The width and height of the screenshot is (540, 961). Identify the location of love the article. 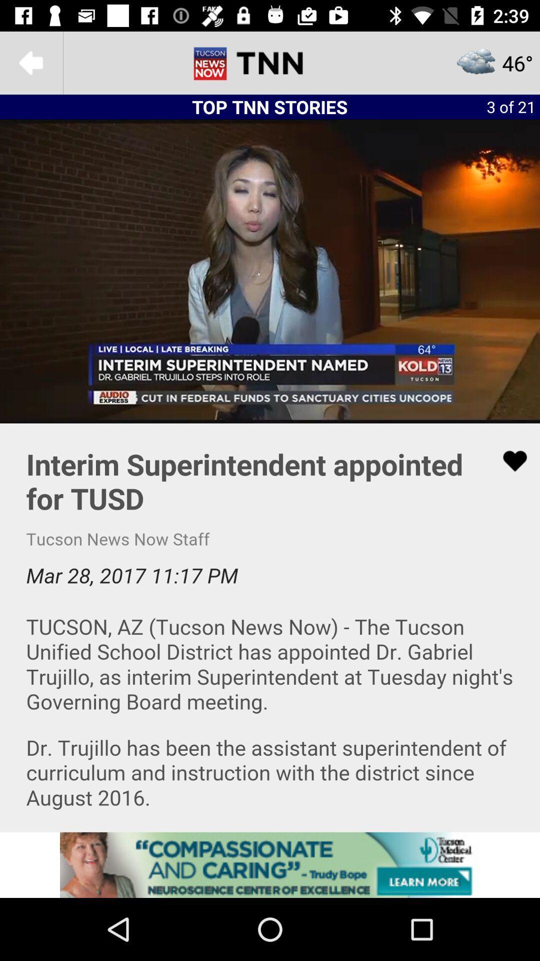
(508, 460).